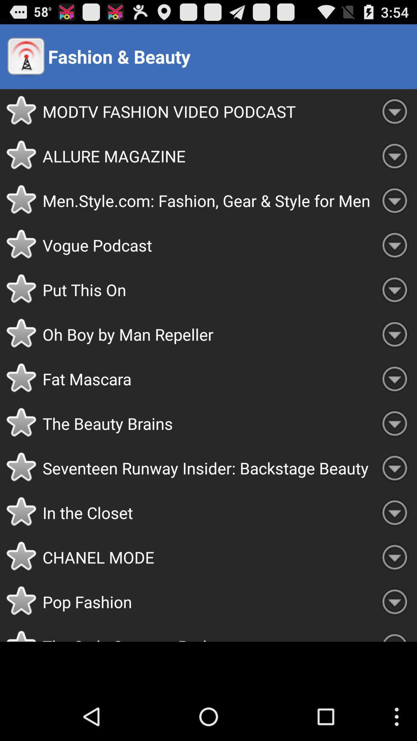  I want to click on allure magazine, so click(207, 156).